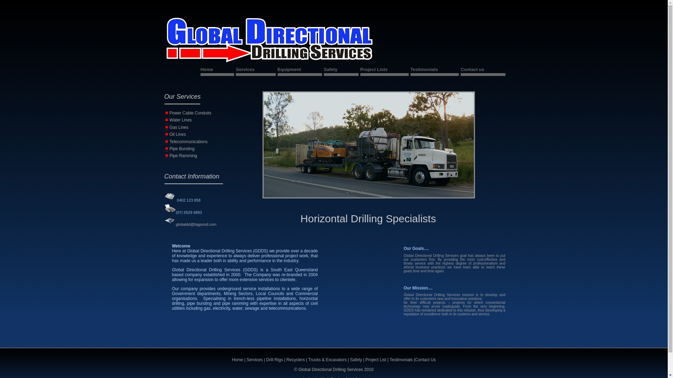 The height and width of the screenshot is (378, 673). What do you see at coordinates (196, 224) in the screenshot?
I see `'globaldd@bigpond.com'` at bounding box center [196, 224].